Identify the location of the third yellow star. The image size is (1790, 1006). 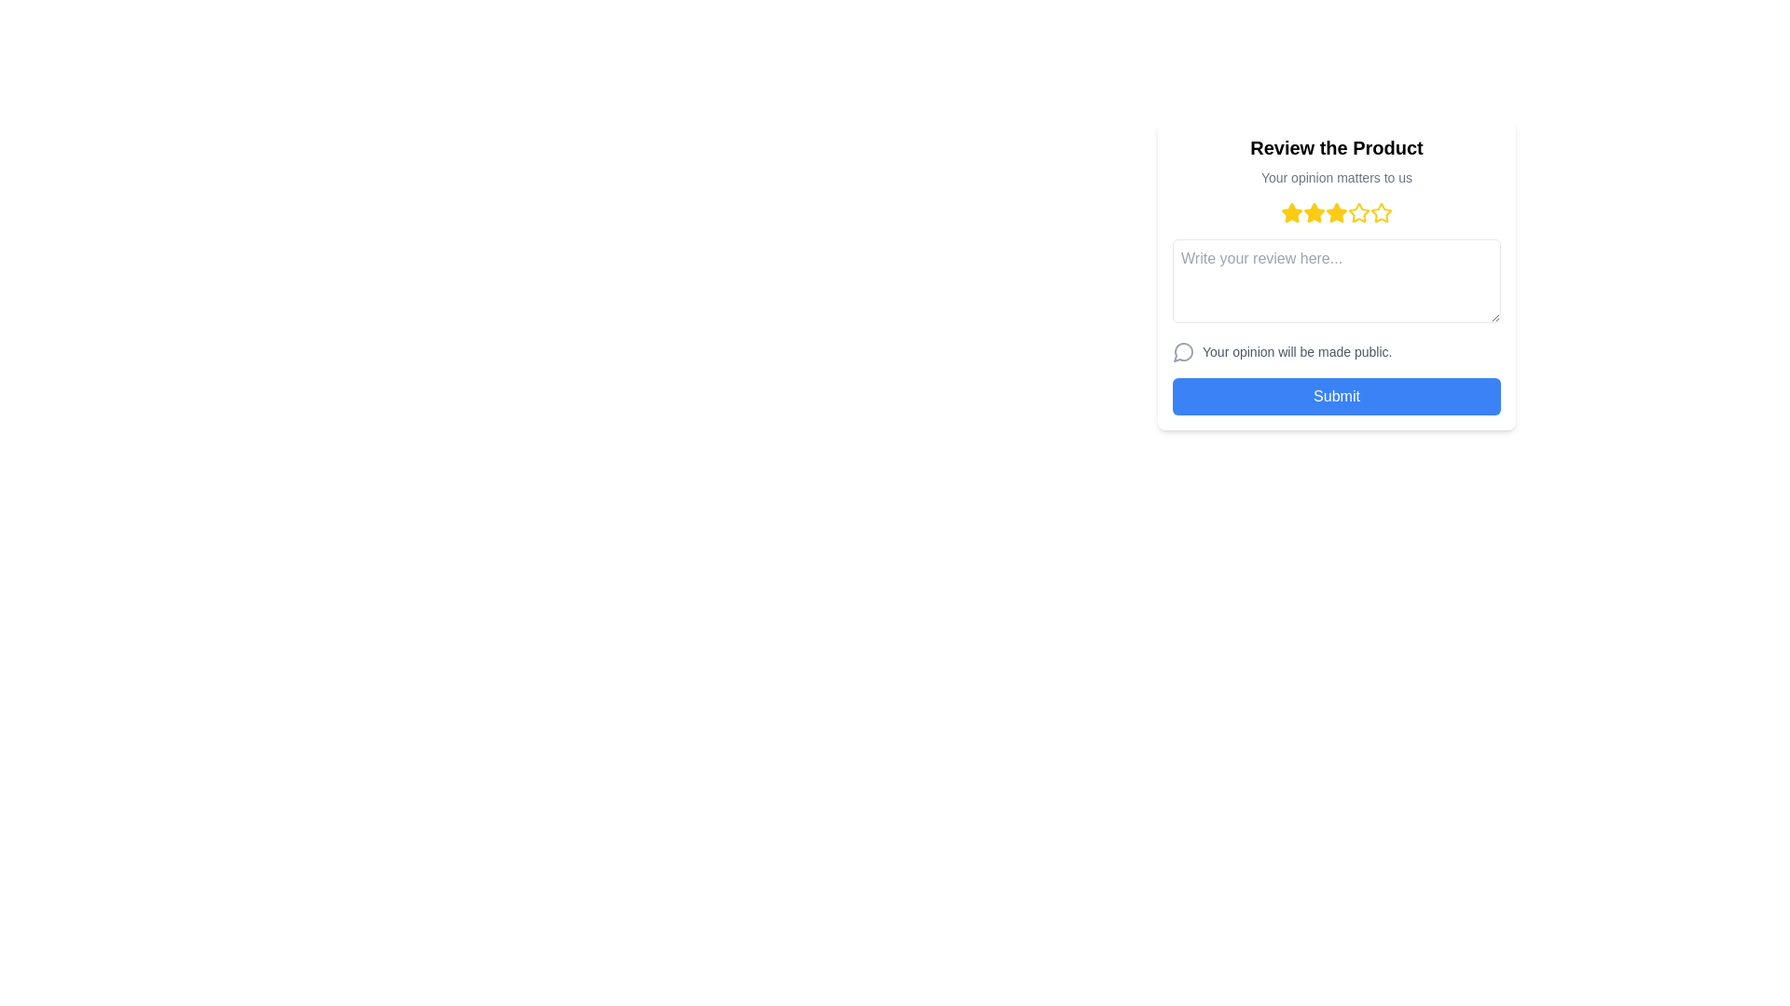
(1336, 211).